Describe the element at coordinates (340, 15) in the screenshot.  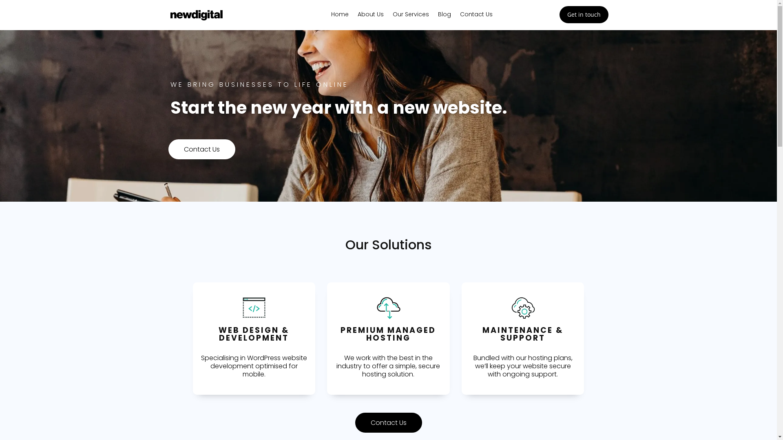
I see `'Home'` at that location.